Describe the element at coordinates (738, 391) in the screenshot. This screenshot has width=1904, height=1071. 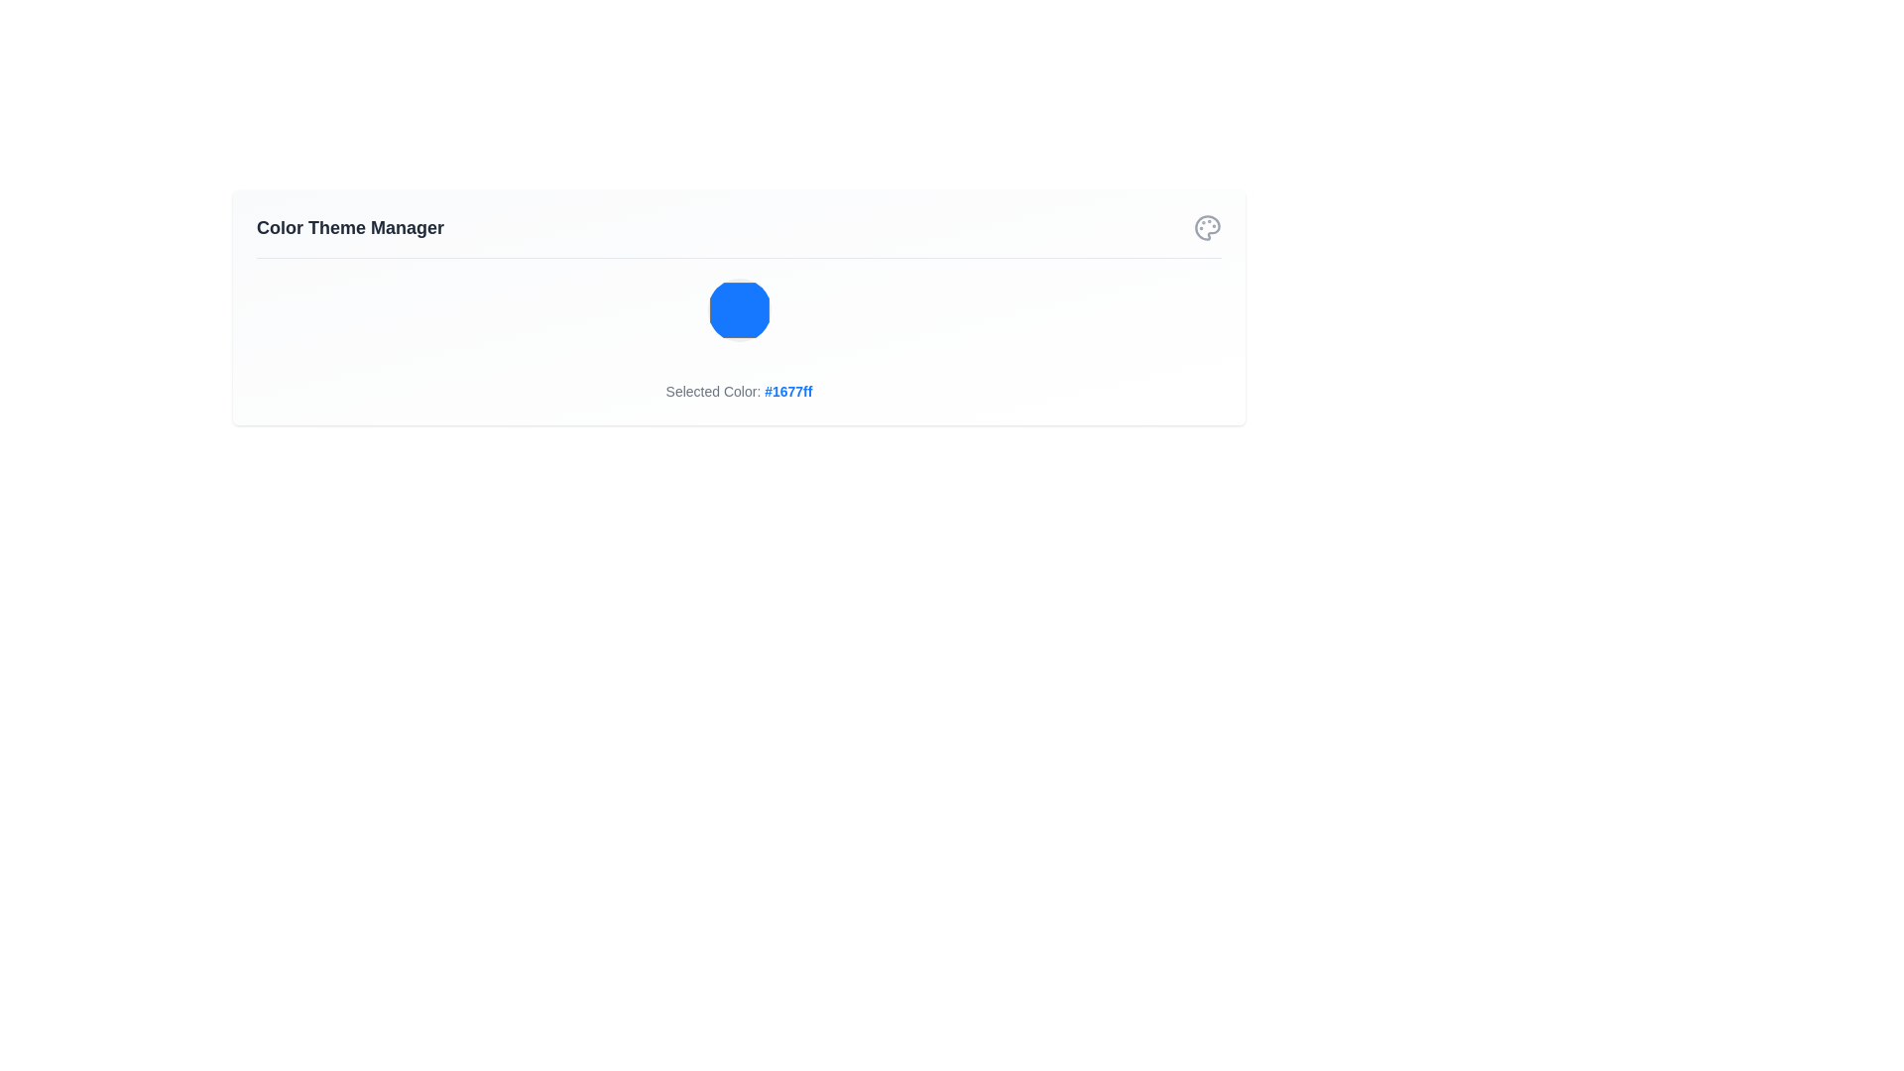
I see `hexadecimal color value displayed in the text label located at the bottom of the 'Color Theme Manager' card, which is positioned directly below the blue color indicator circle` at that location.